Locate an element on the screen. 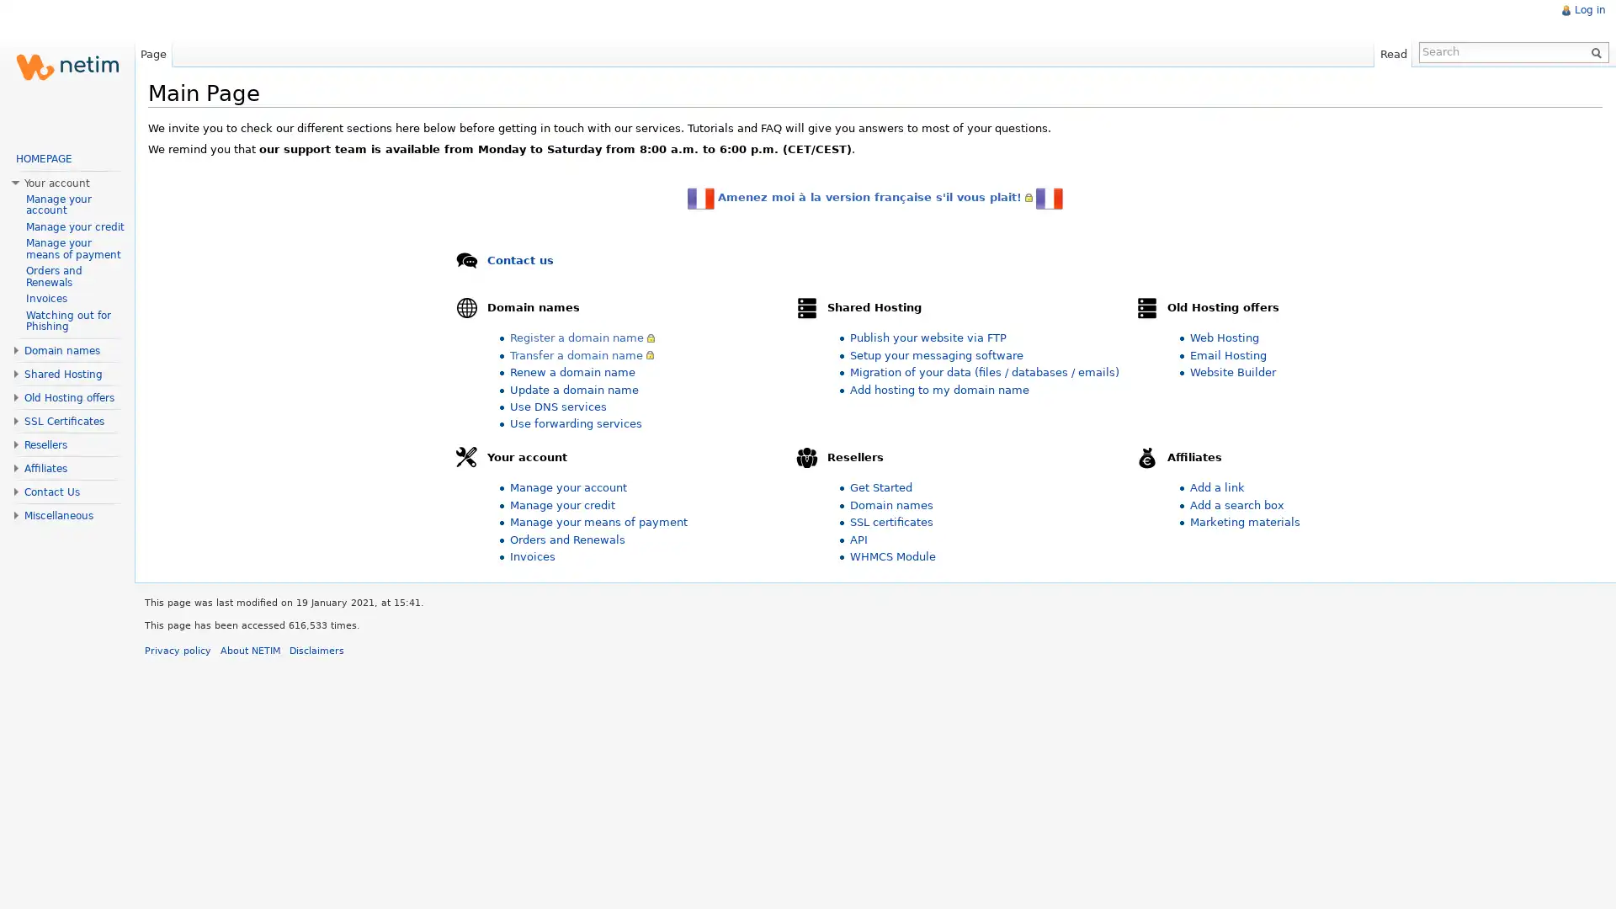 This screenshot has height=909, width=1616. Search is located at coordinates (1597, 50).